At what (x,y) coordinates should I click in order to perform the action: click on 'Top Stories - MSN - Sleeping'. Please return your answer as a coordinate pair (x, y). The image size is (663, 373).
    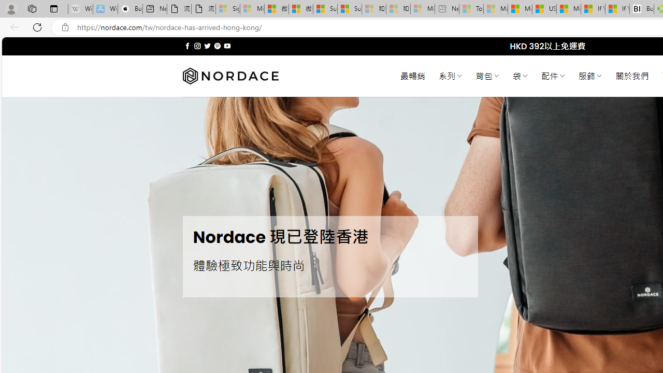
    Looking at the image, I should click on (471, 9).